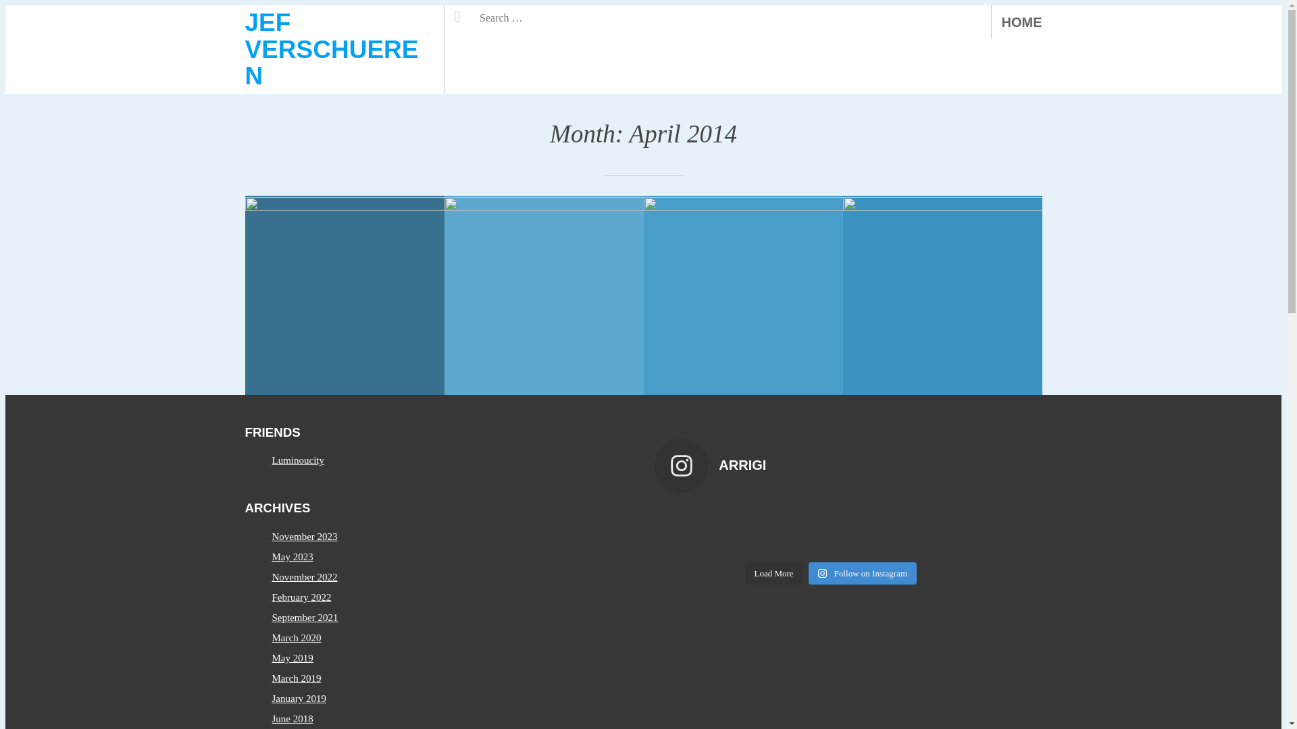 The image size is (1297, 729). I want to click on 'March 2019', so click(295, 678).